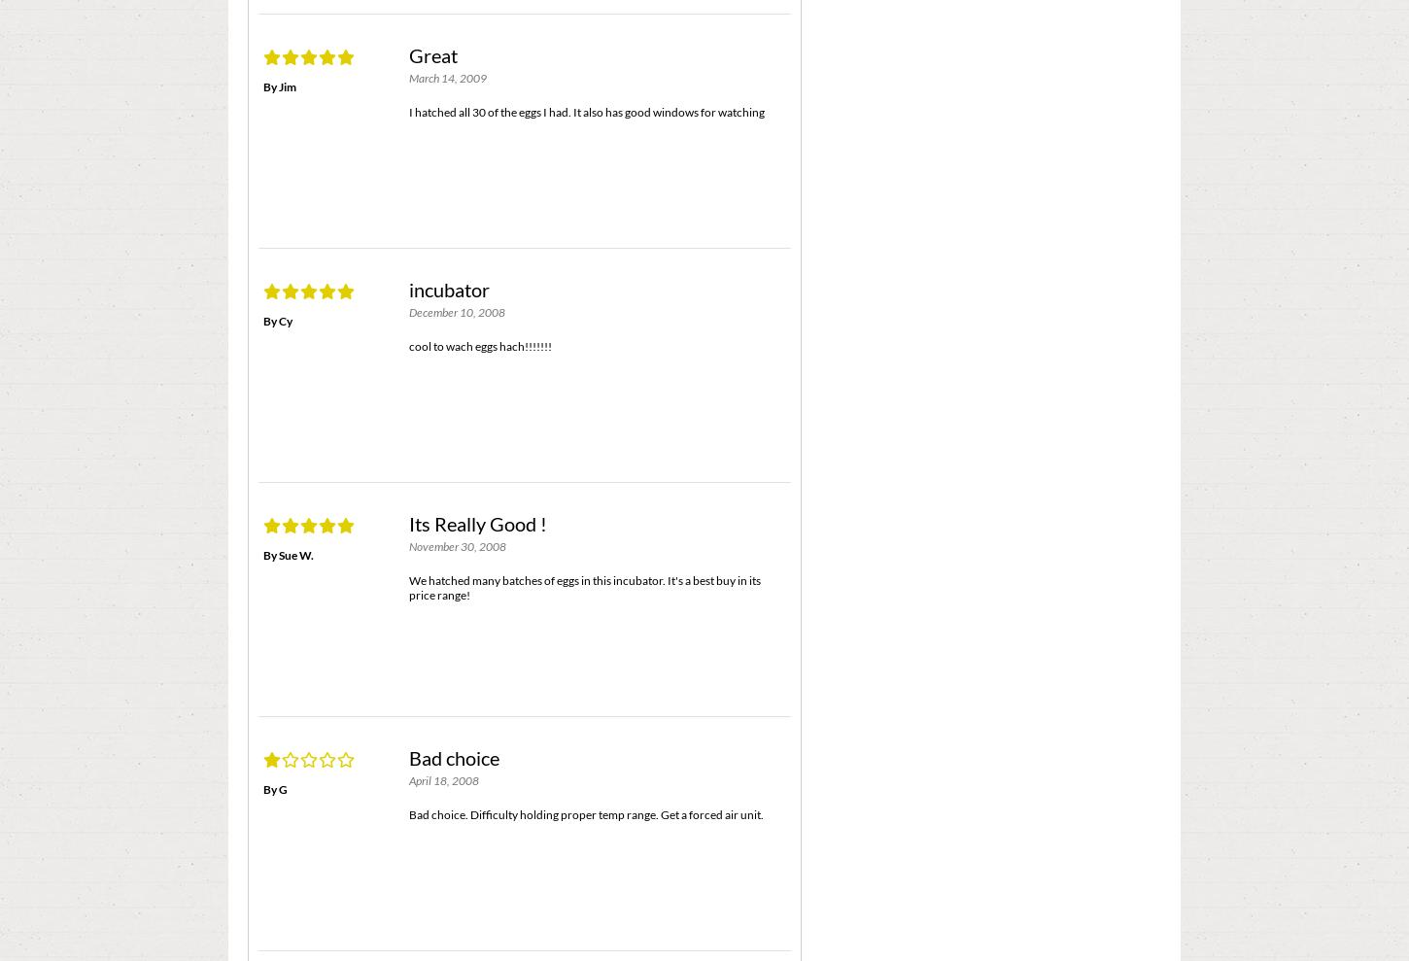 This screenshot has width=1409, height=961. What do you see at coordinates (279, 86) in the screenshot?
I see `'By Jim'` at bounding box center [279, 86].